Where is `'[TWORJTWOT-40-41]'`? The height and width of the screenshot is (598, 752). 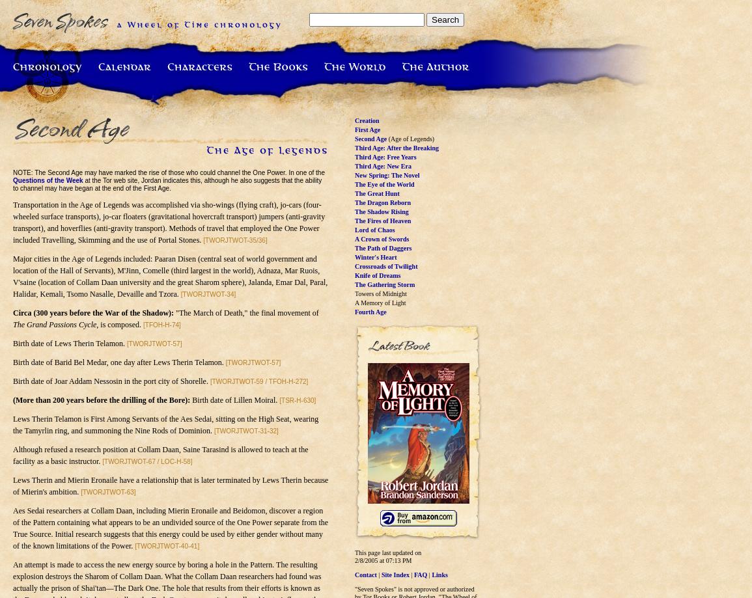 '[TWORJTWOT-40-41]' is located at coordinates (167, 545).